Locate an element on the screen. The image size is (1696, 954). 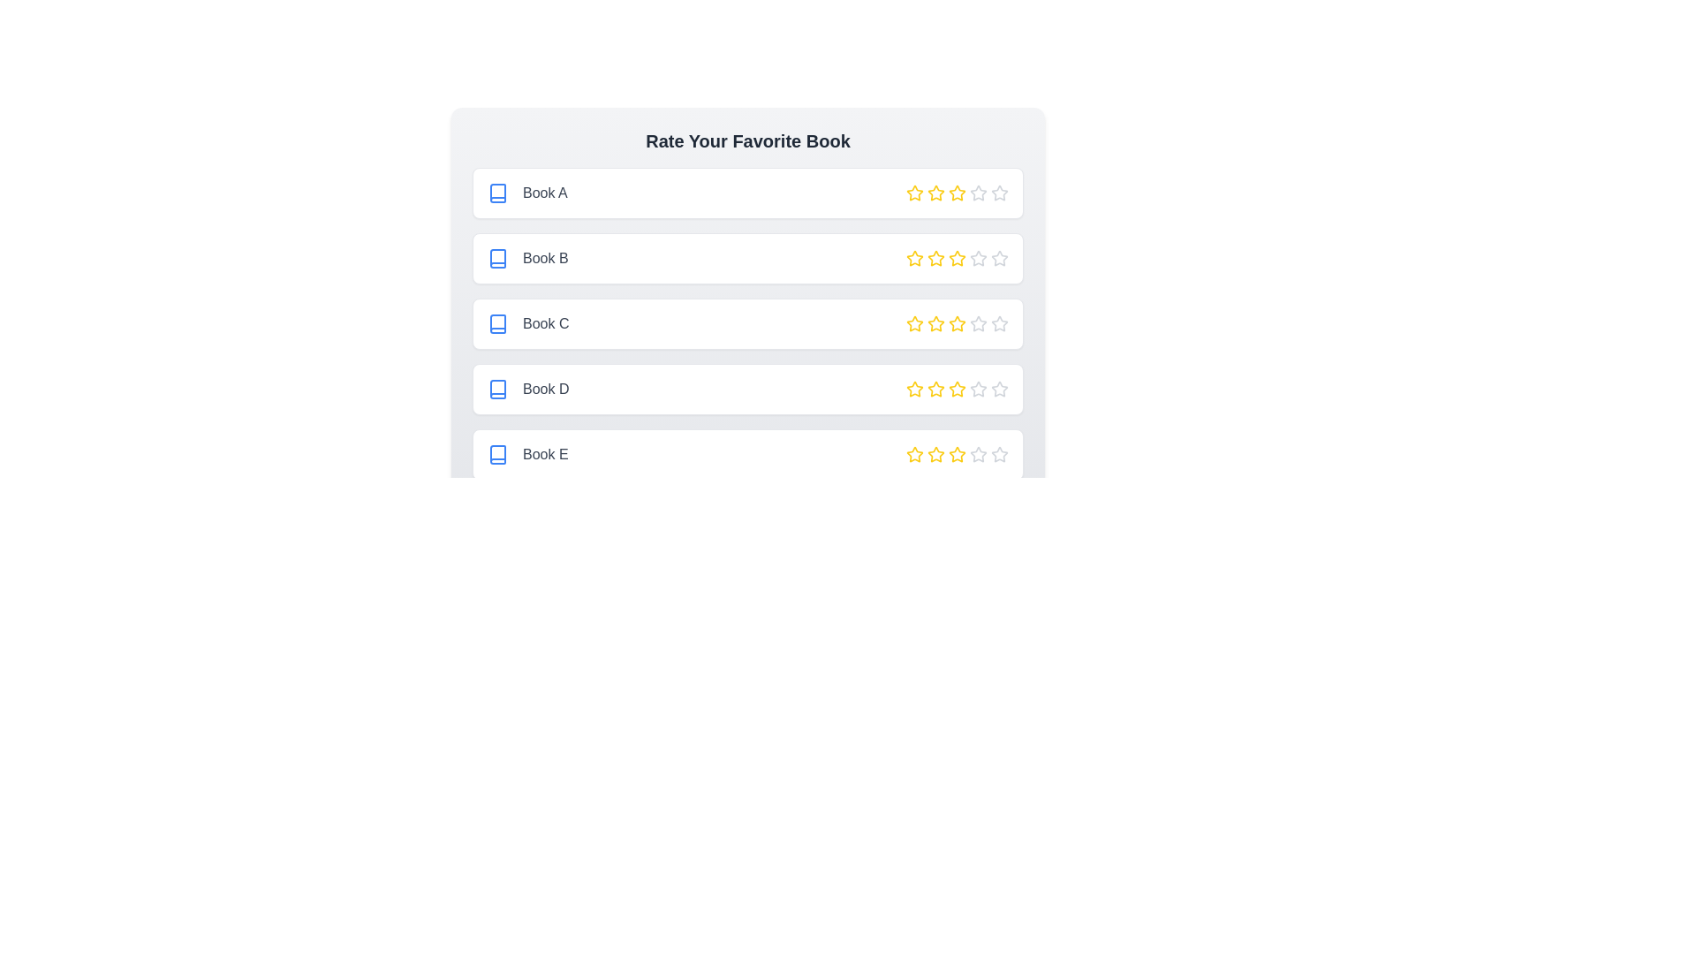
the star corresponding to 2 stars for the book titled Book B is located at coordinates (935, 259).